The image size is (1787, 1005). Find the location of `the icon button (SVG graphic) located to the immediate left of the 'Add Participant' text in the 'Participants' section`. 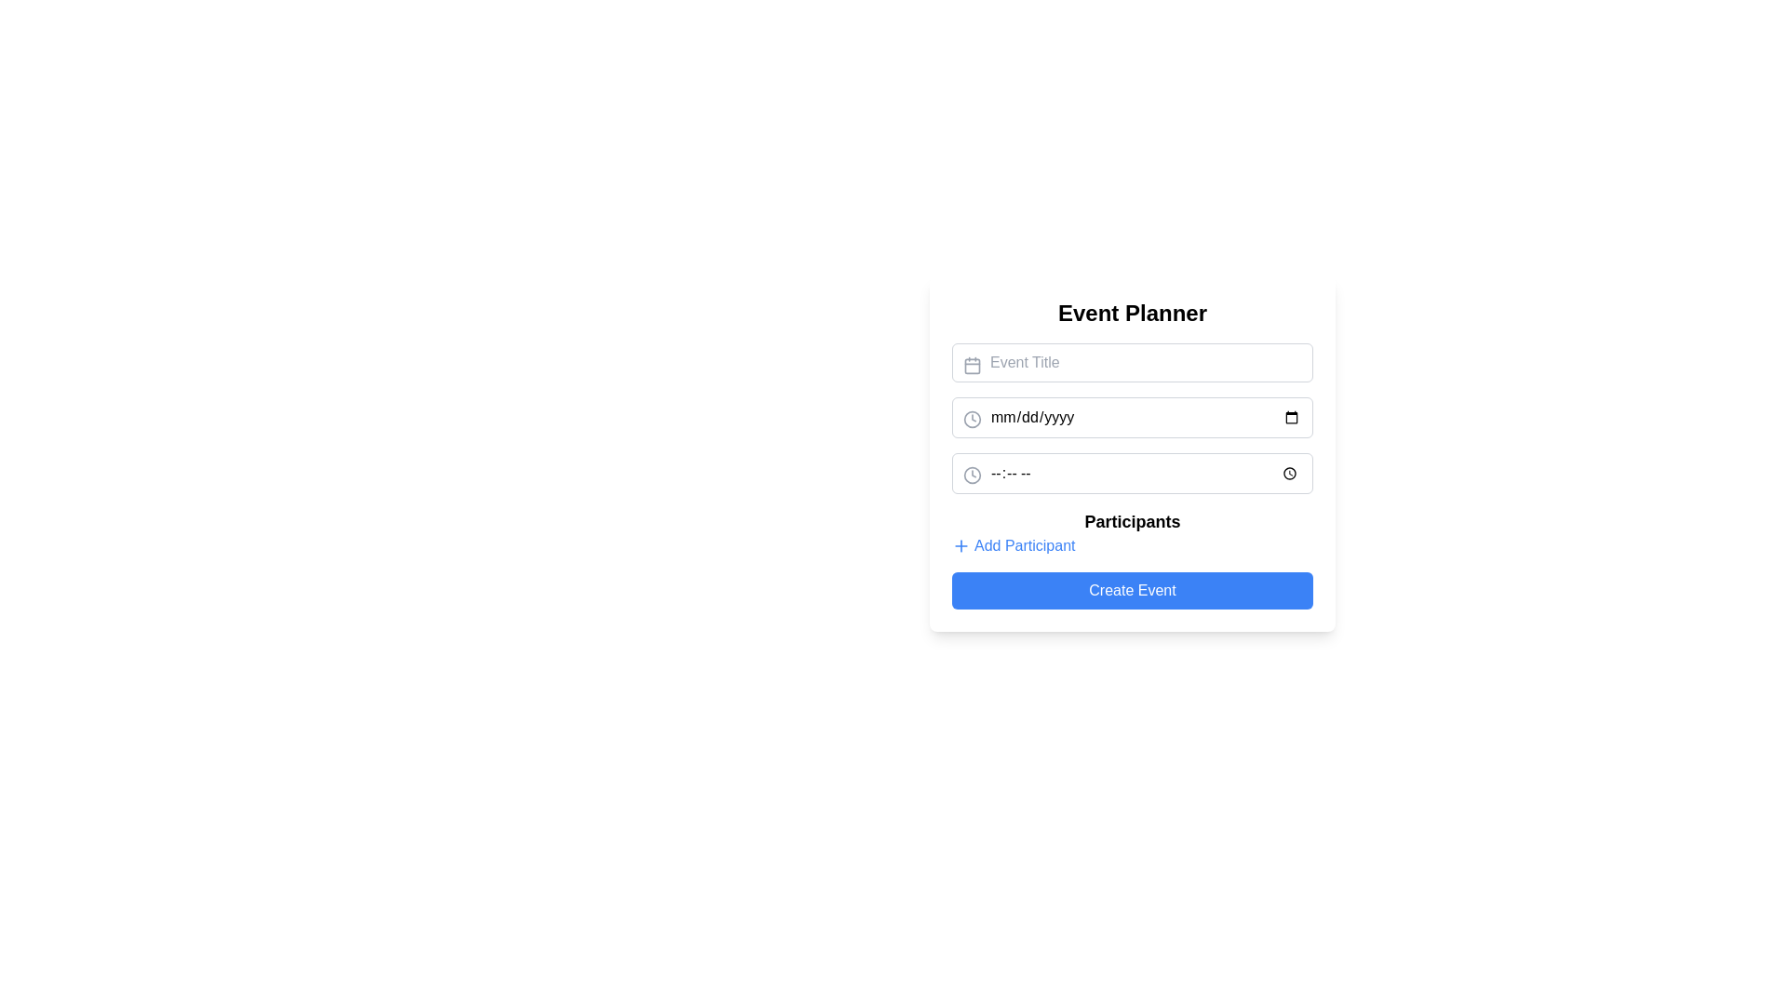

the icon button (SVG graphic) located to the immediate left of the 'Add Participant' text in the 'Participants' section is located at coordinates (961, 544).